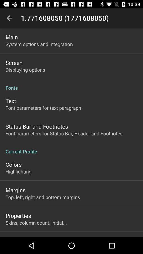 Image resolution: width=143 pixels, height=254 pixels. I want to click on current profile icon, so click(71, 149).